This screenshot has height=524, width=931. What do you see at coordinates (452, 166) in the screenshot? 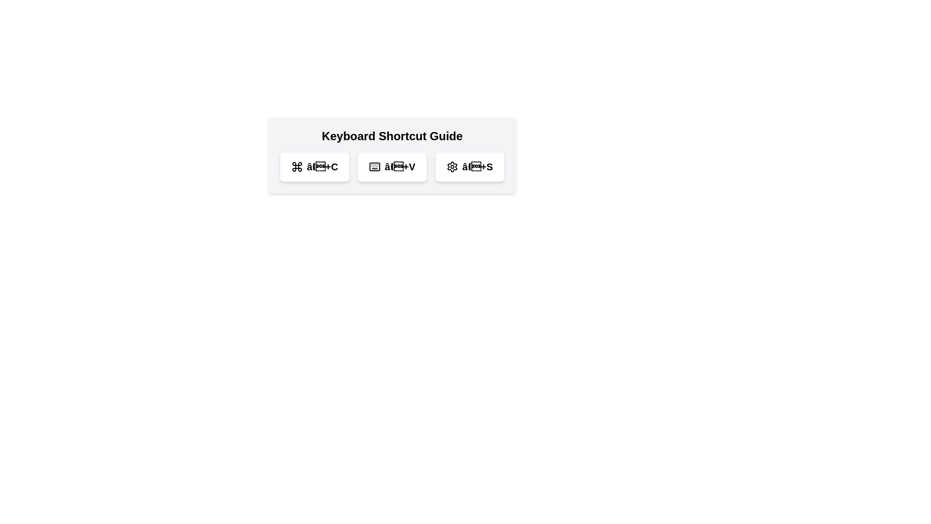
I see `the decorative settings icon` at bounding box center [452, 166].